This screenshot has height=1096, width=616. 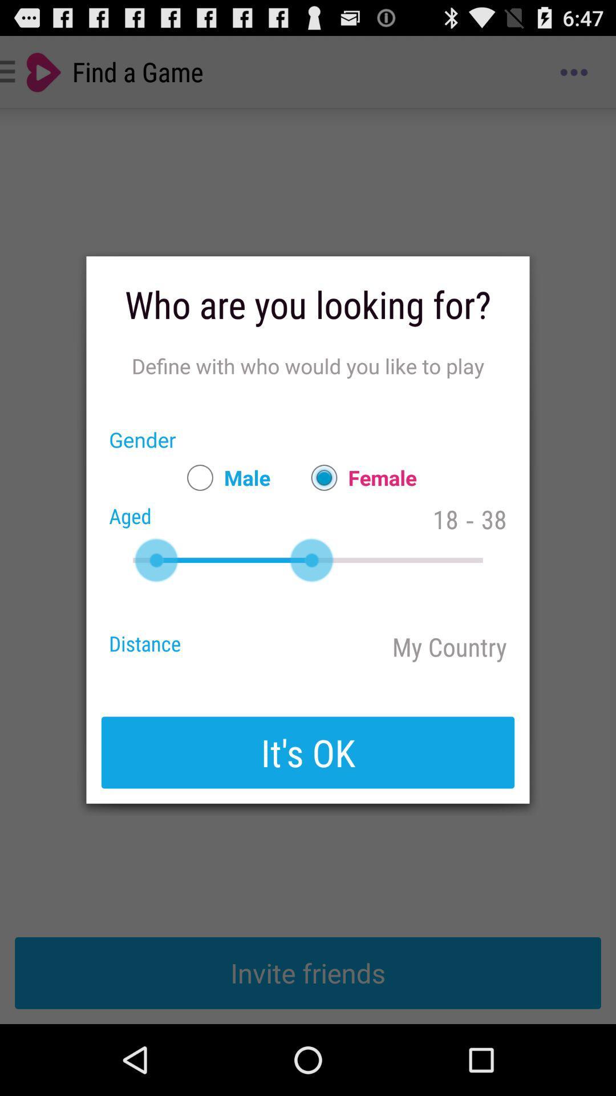 What do you see at coordinates (223, 477) in the screenshot?
I see `the radio button to the left of the female radio button` at bounding box center [223, 477].